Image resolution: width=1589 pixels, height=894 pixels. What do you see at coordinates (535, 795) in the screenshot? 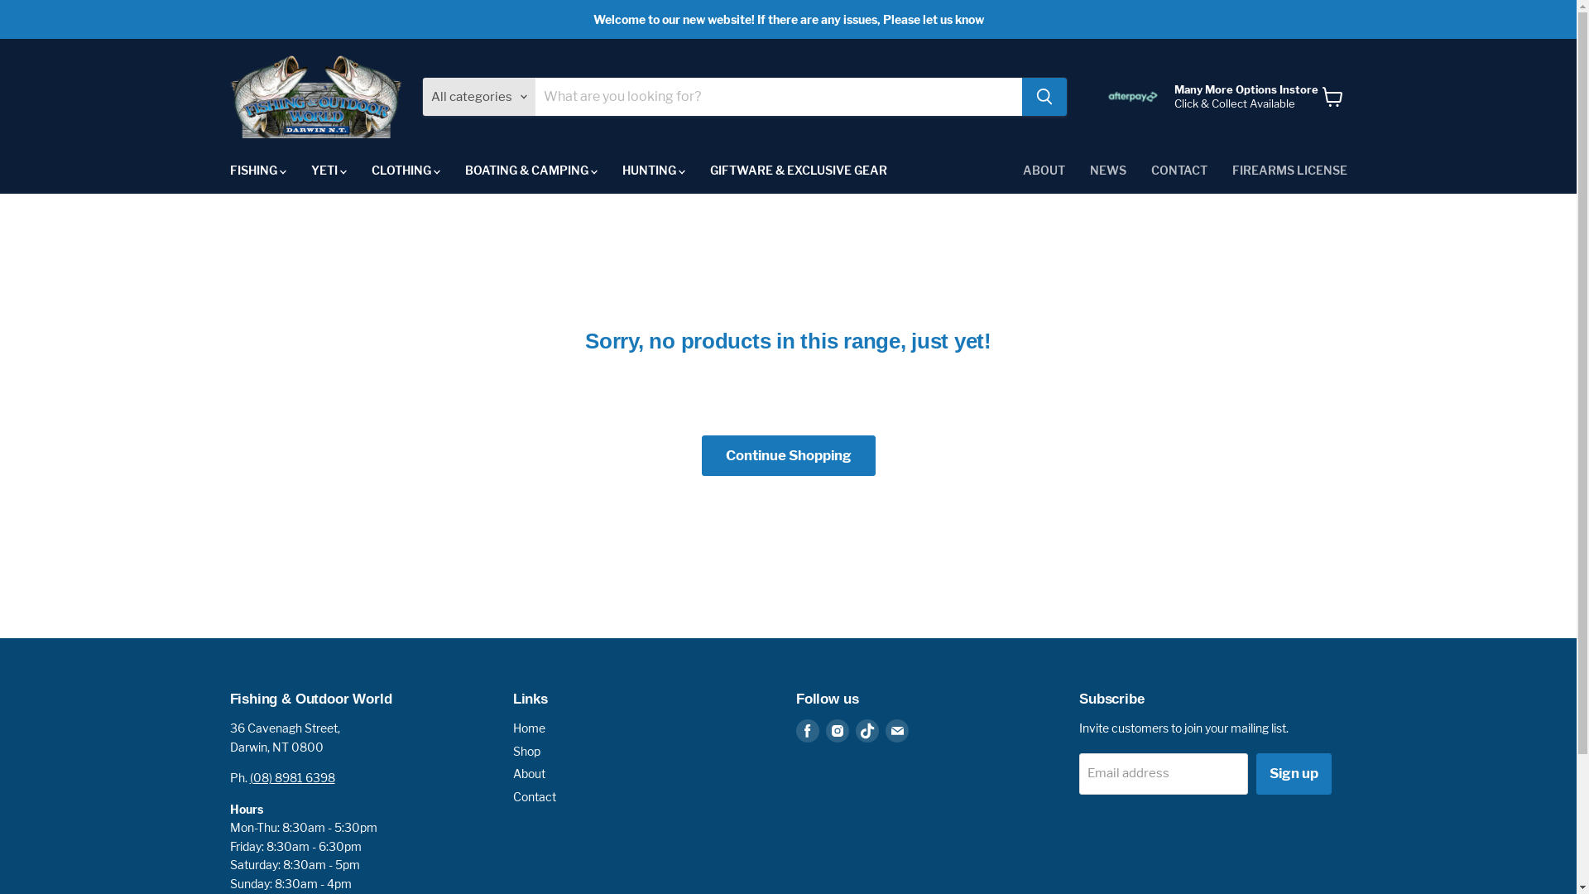
I see `'Contact'` at bounding box center [535, 795].